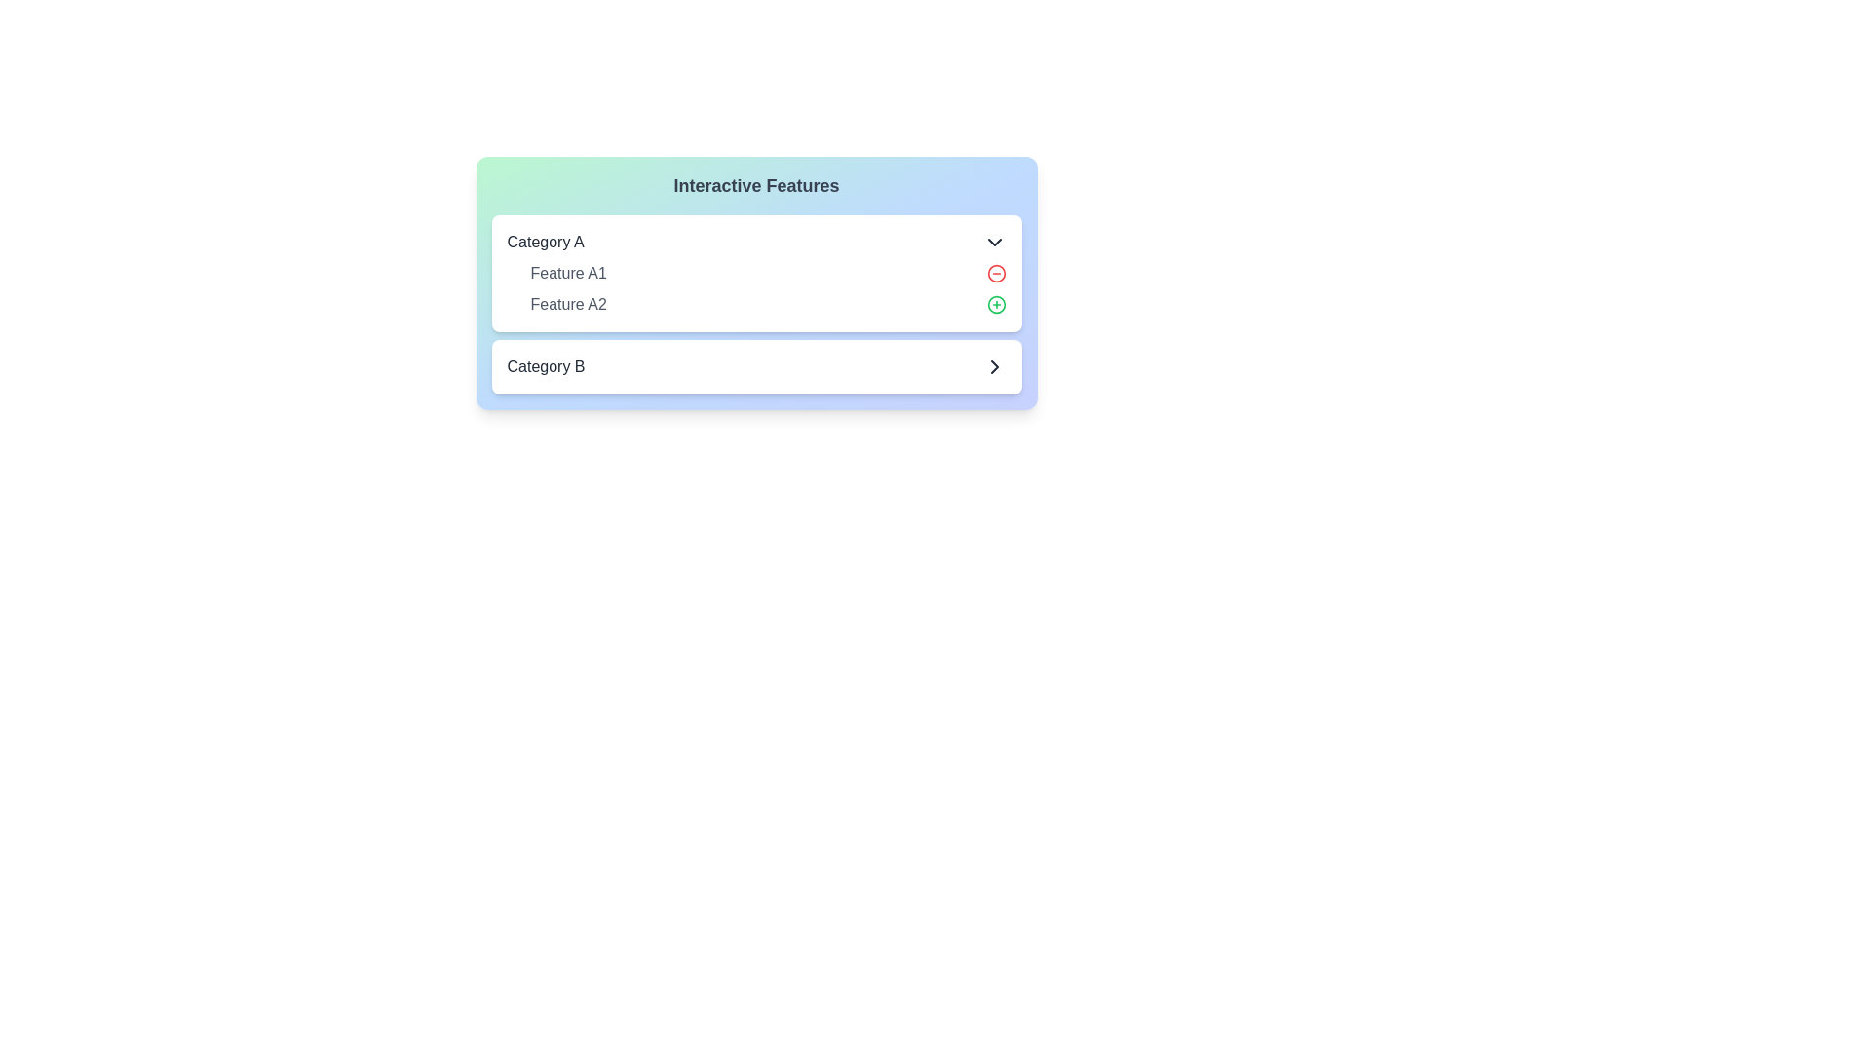 The width and height of the screenshot is (1871, 1052). Describe the element at coordinates (996, 304) in the screenshot. I see `the circular vector graphic element located adjacent to the right-hand margin of the 'Feature A2' item in the dropdown list under 'Category A'` at that location.